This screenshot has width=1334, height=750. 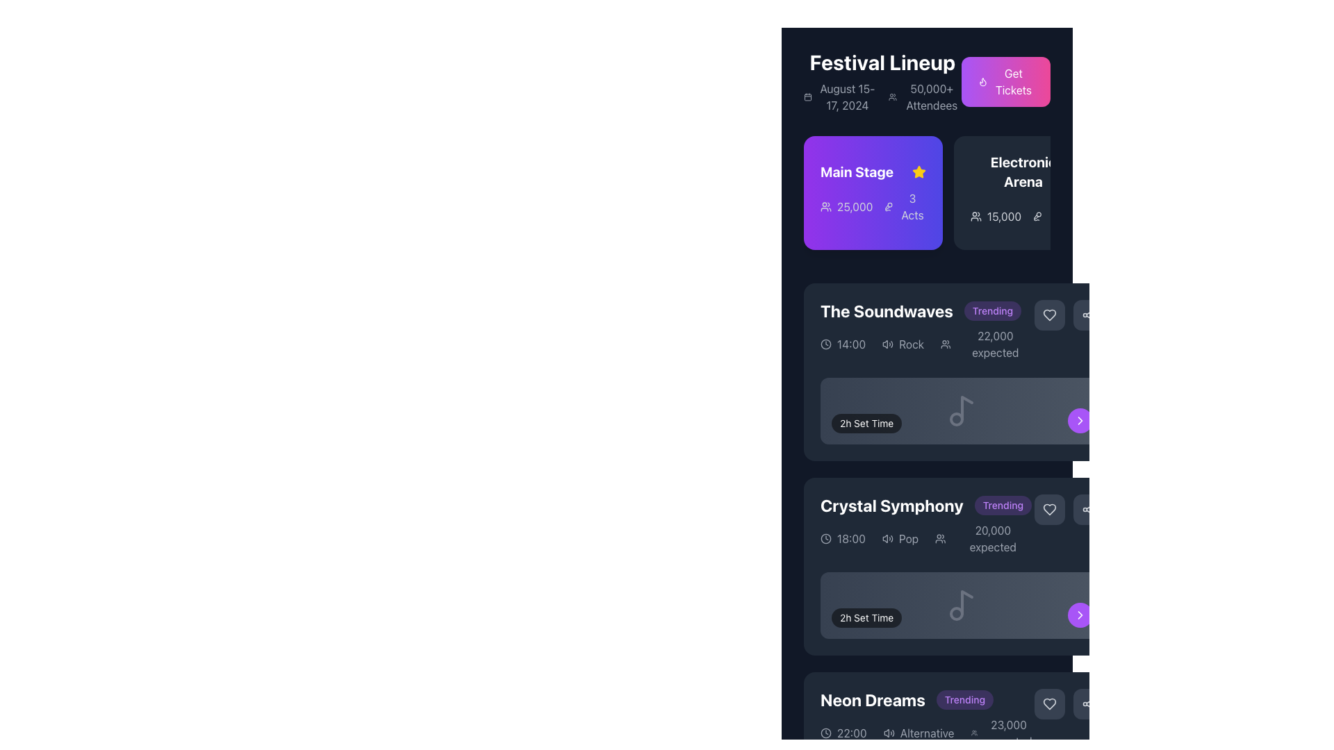 What do you see at coordinates (982, 82) in the screenshot?
I see `the small flame-shaped icon styled in purple, located within the 'Get Tickets' button, positioned adjacent to the 'Festival Lineup' text` at bounding box center [982, 82].